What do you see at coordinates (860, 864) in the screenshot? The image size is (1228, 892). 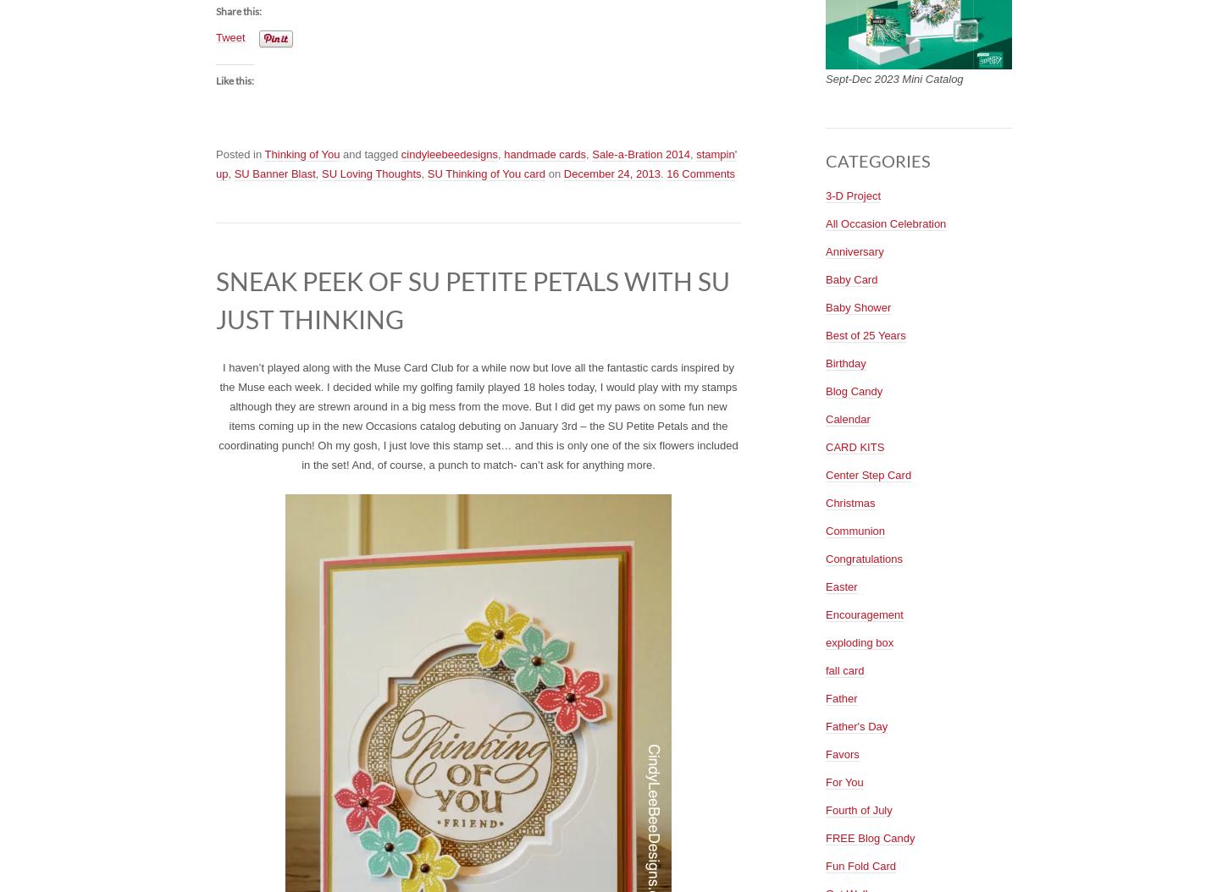 I see `'Fun Fold Card'` at bounding box center [860, 864].